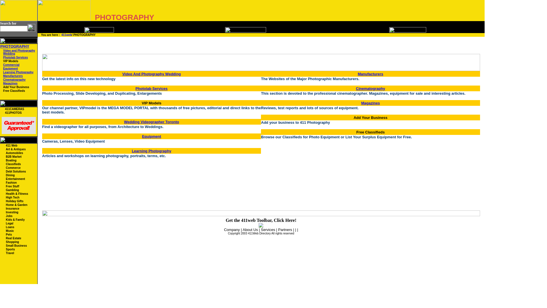 This screenshot has height=308, width=547. What do you see at coordinates (122, 73) in the screenshot?
I see `'Video And Photography Wedding'` at bounding box center [122, 73].